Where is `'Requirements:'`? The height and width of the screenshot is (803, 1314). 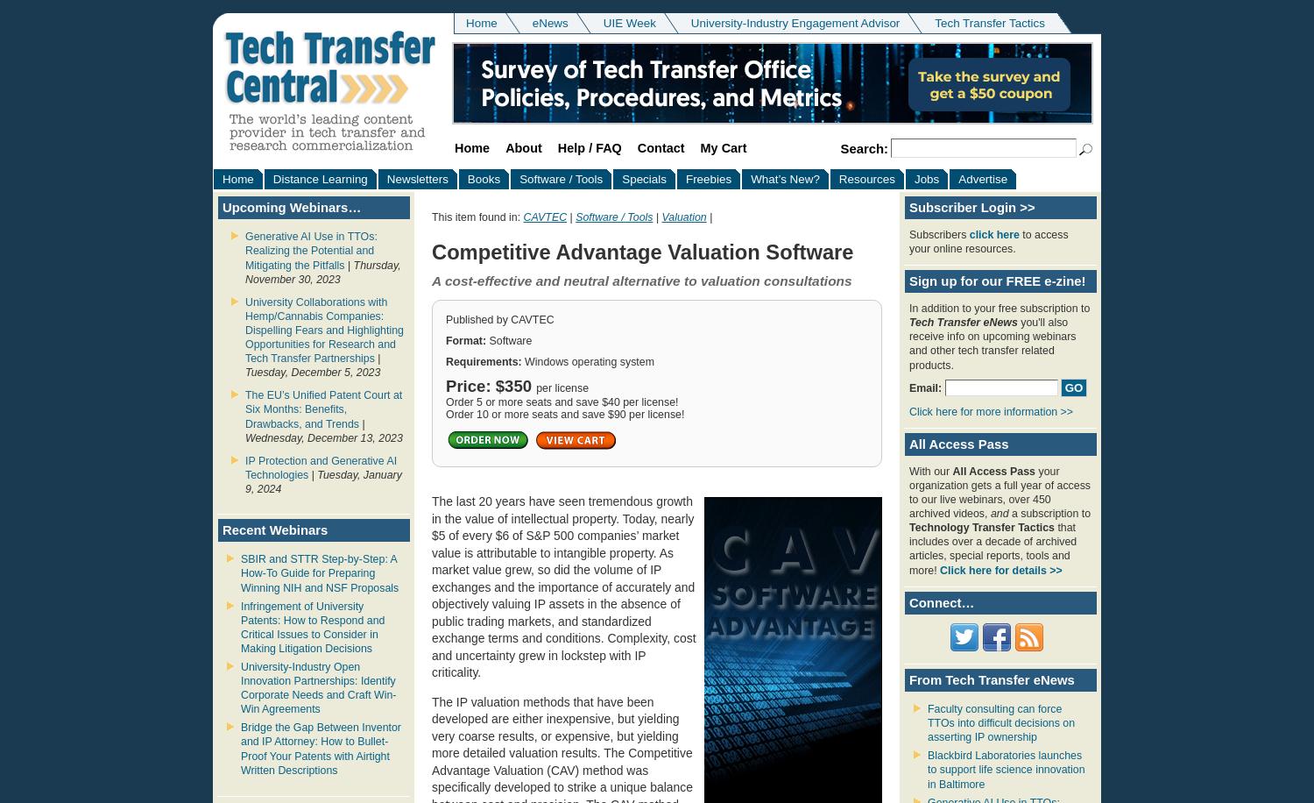 'Requirements:' is located at coordinates (484, 361).